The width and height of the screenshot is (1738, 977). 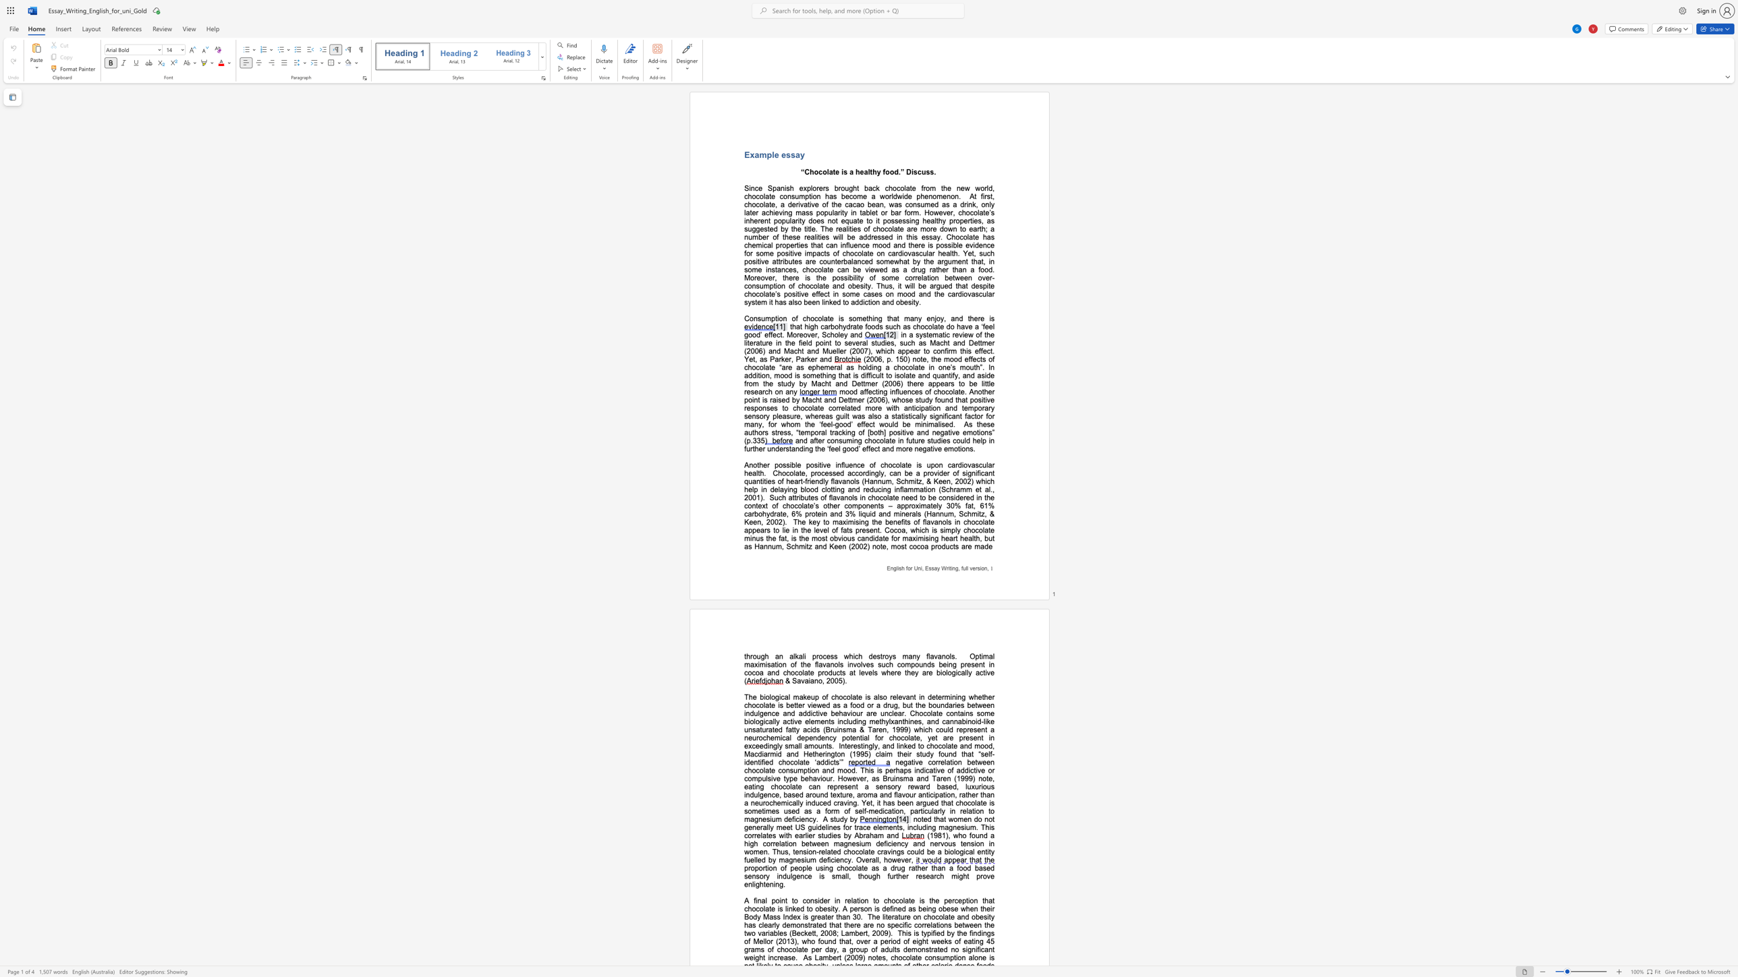 I want to click on the subset text "ps indi" within the text "perhaps indicative", so click(x=903, y=769).